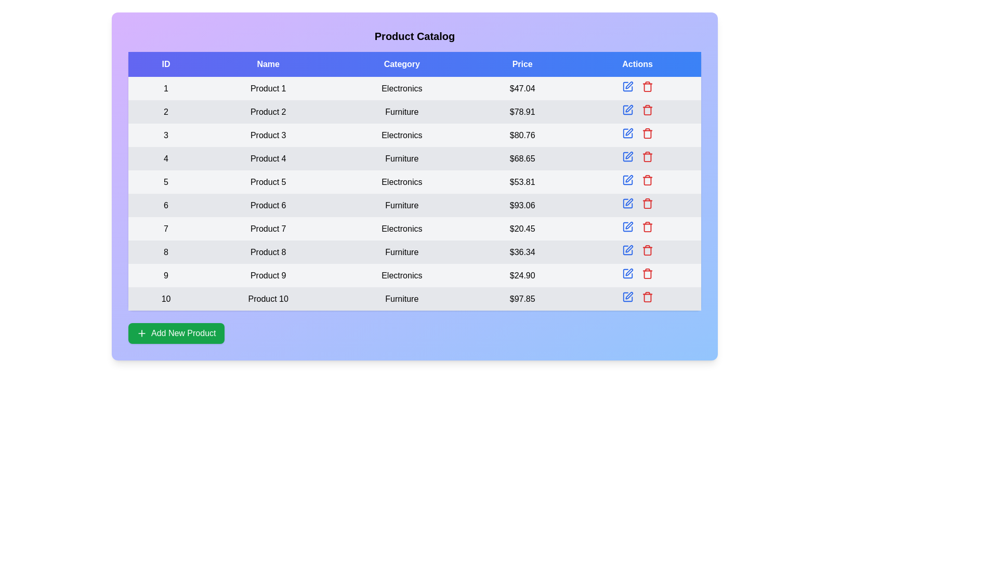 The height and width of the screenshot is (561, 998). I want to click on the add button to observe visual changes, so click(176, 333).